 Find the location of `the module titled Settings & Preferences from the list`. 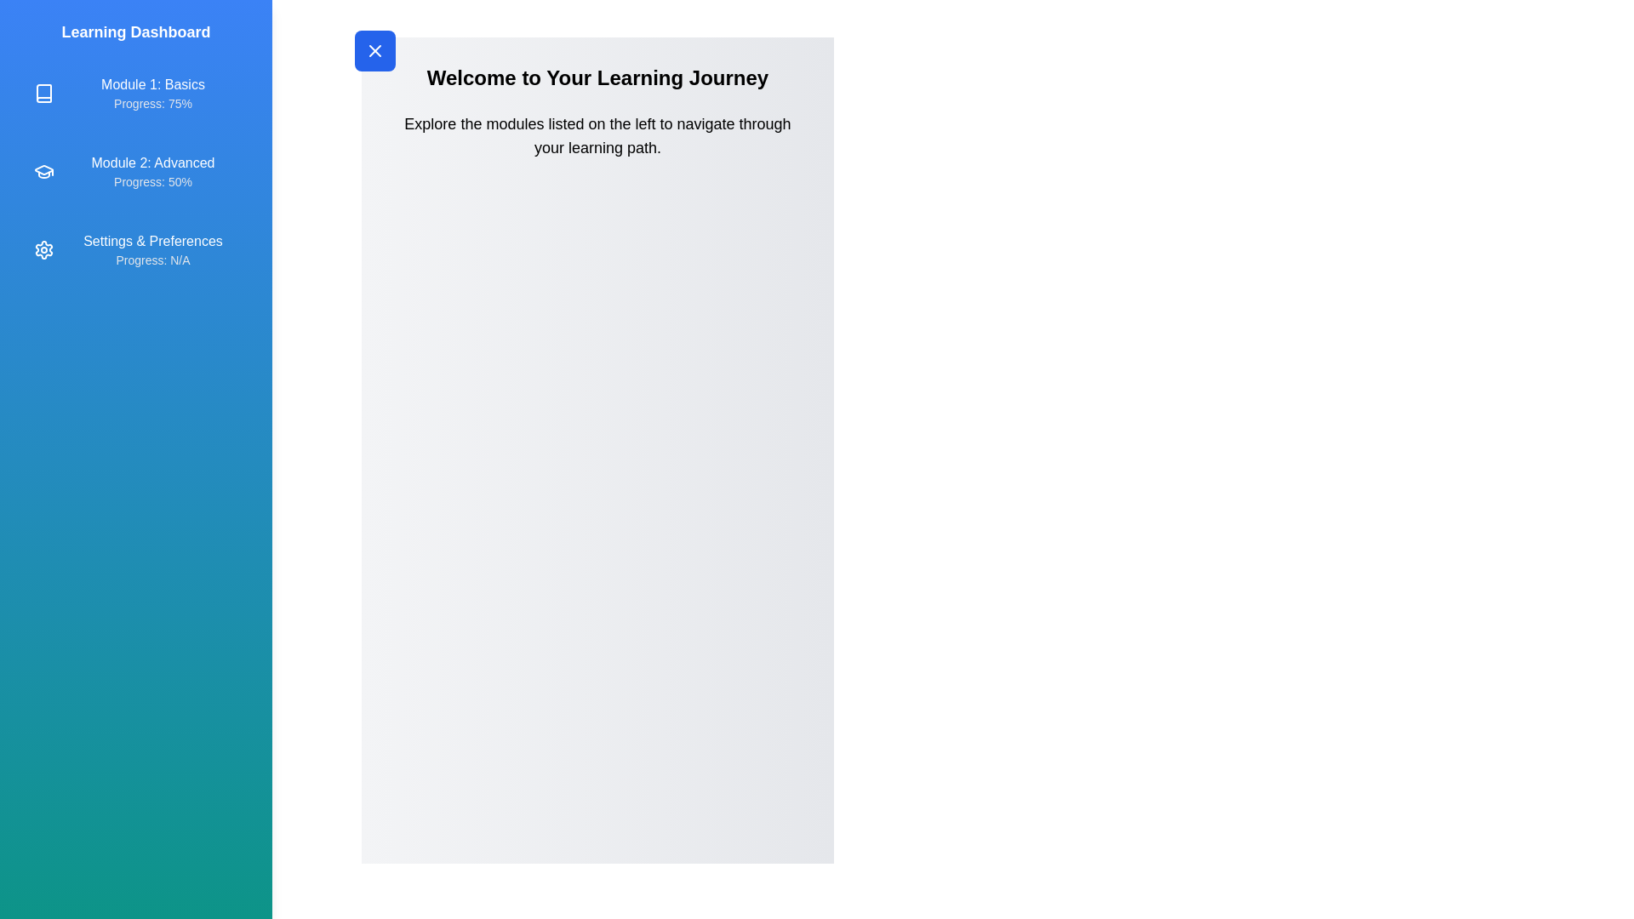

the module titled Settings & Preferences from the list is located at coordinates (134, 249).